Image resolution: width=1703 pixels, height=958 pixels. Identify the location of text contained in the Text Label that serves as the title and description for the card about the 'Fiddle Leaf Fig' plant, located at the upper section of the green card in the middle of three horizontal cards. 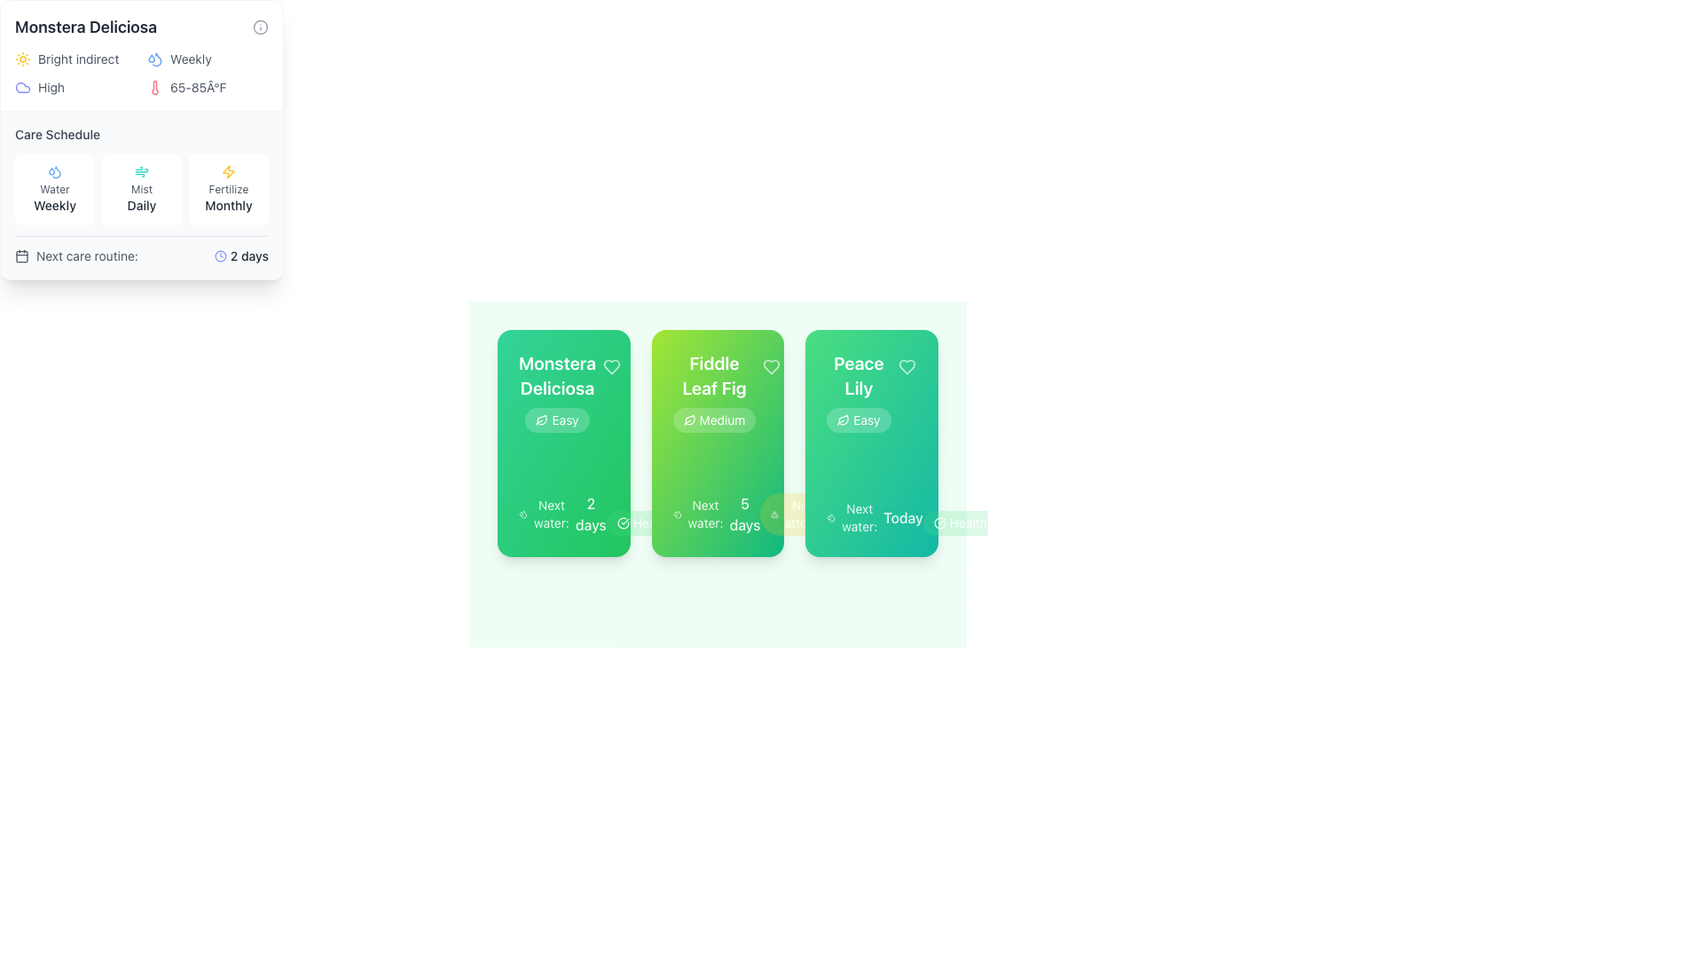
(718, 391).